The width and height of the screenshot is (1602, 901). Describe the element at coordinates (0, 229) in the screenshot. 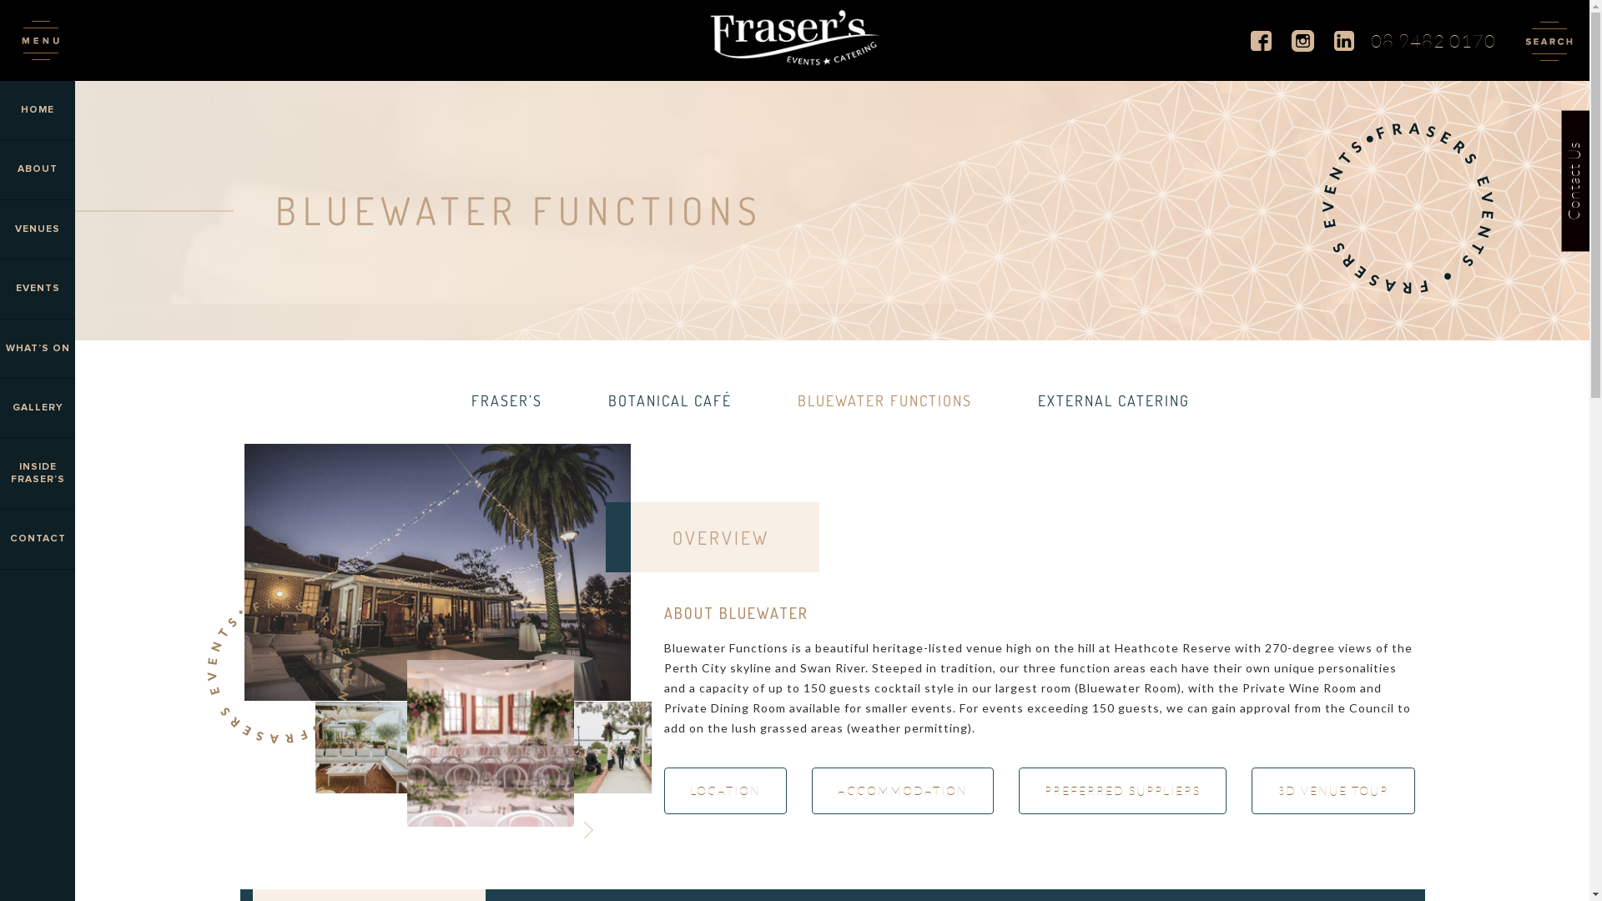

I see `'VENUES'` at that location.